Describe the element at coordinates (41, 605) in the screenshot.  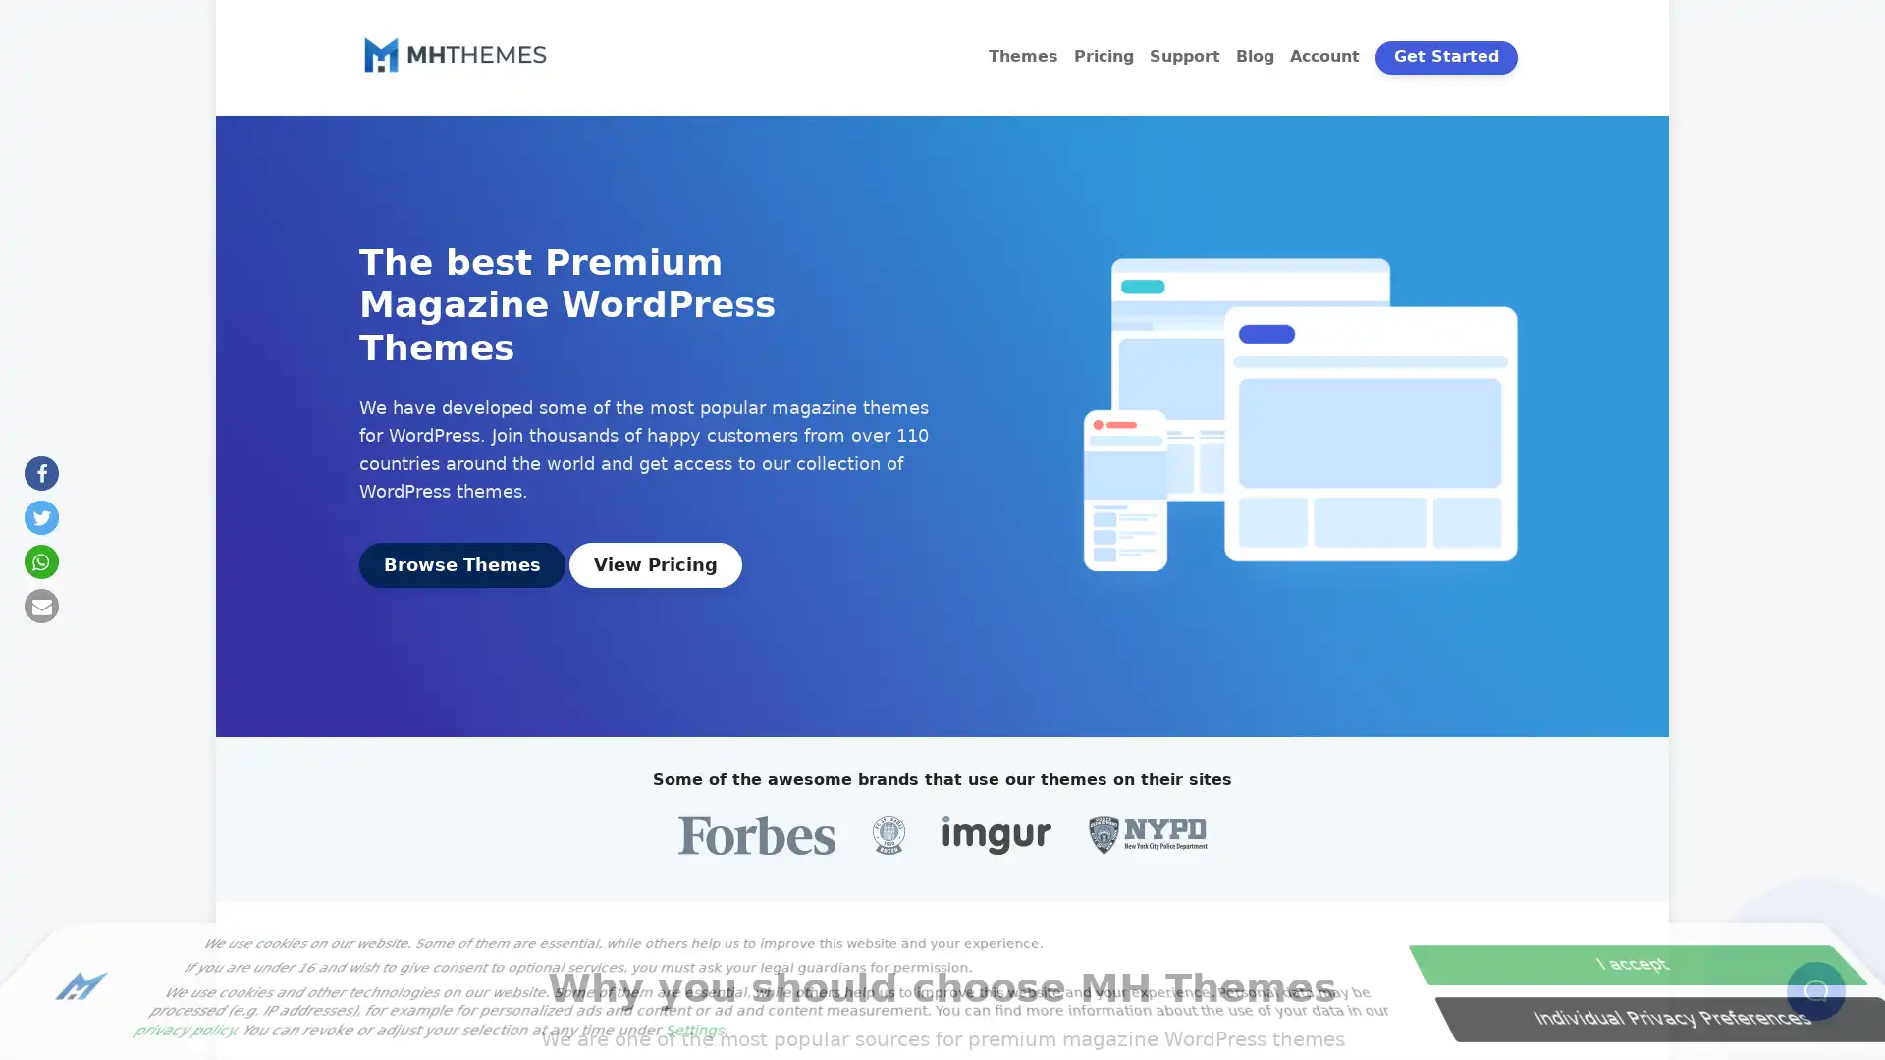
I see `Send by email` at that location.